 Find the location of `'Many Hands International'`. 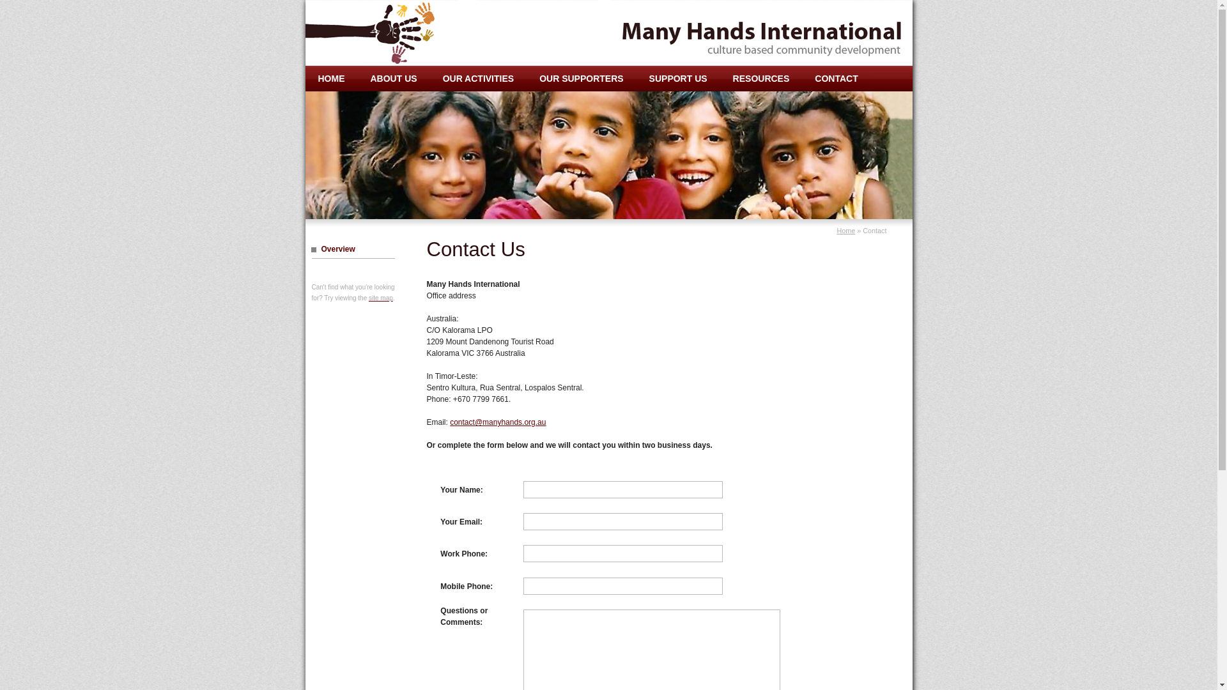

'Many Hands International' is located at coordinates (385, 32).